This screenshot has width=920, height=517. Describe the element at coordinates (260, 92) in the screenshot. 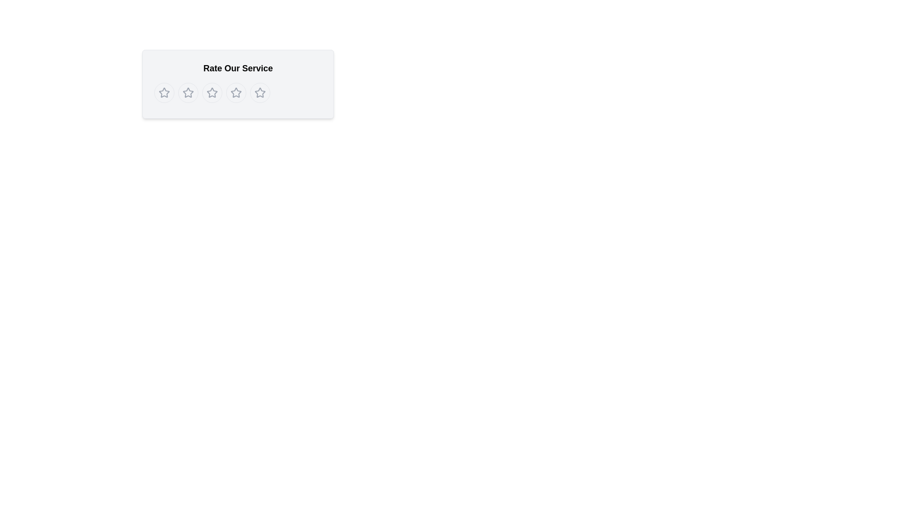

I see `the fifth circular button with a star icon in the center, which is styled in light gray and changes to yellow when hovered over` at that location.